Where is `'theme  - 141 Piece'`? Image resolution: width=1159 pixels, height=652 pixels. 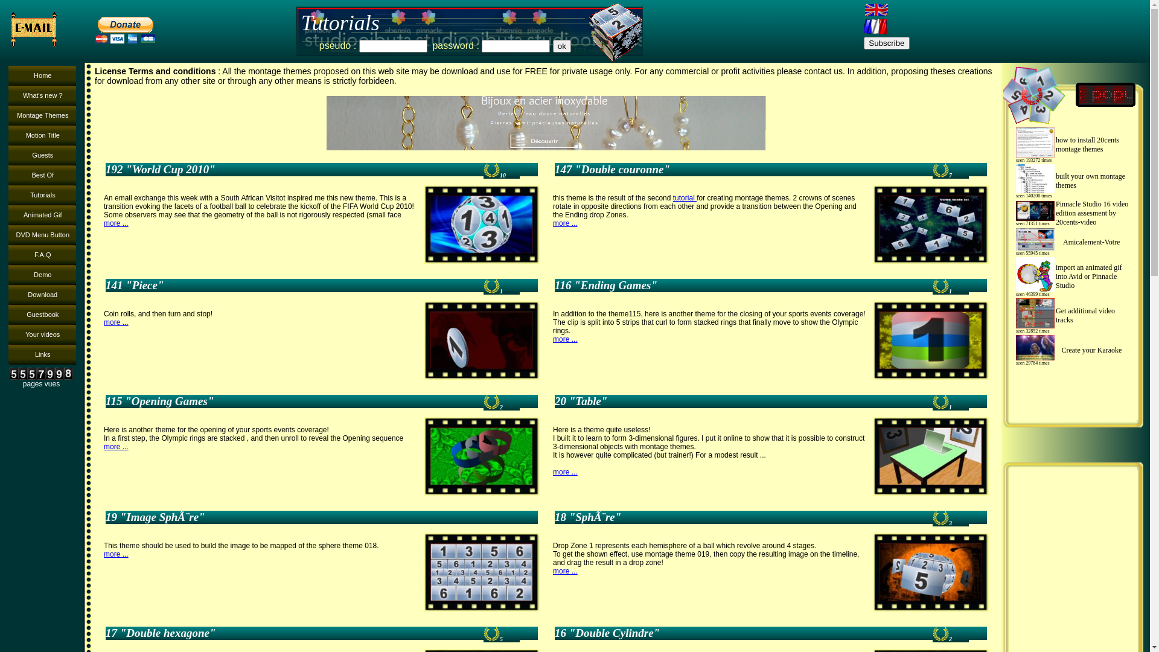
'theme  - 141 Piece' is located at coordinates (481, 340).